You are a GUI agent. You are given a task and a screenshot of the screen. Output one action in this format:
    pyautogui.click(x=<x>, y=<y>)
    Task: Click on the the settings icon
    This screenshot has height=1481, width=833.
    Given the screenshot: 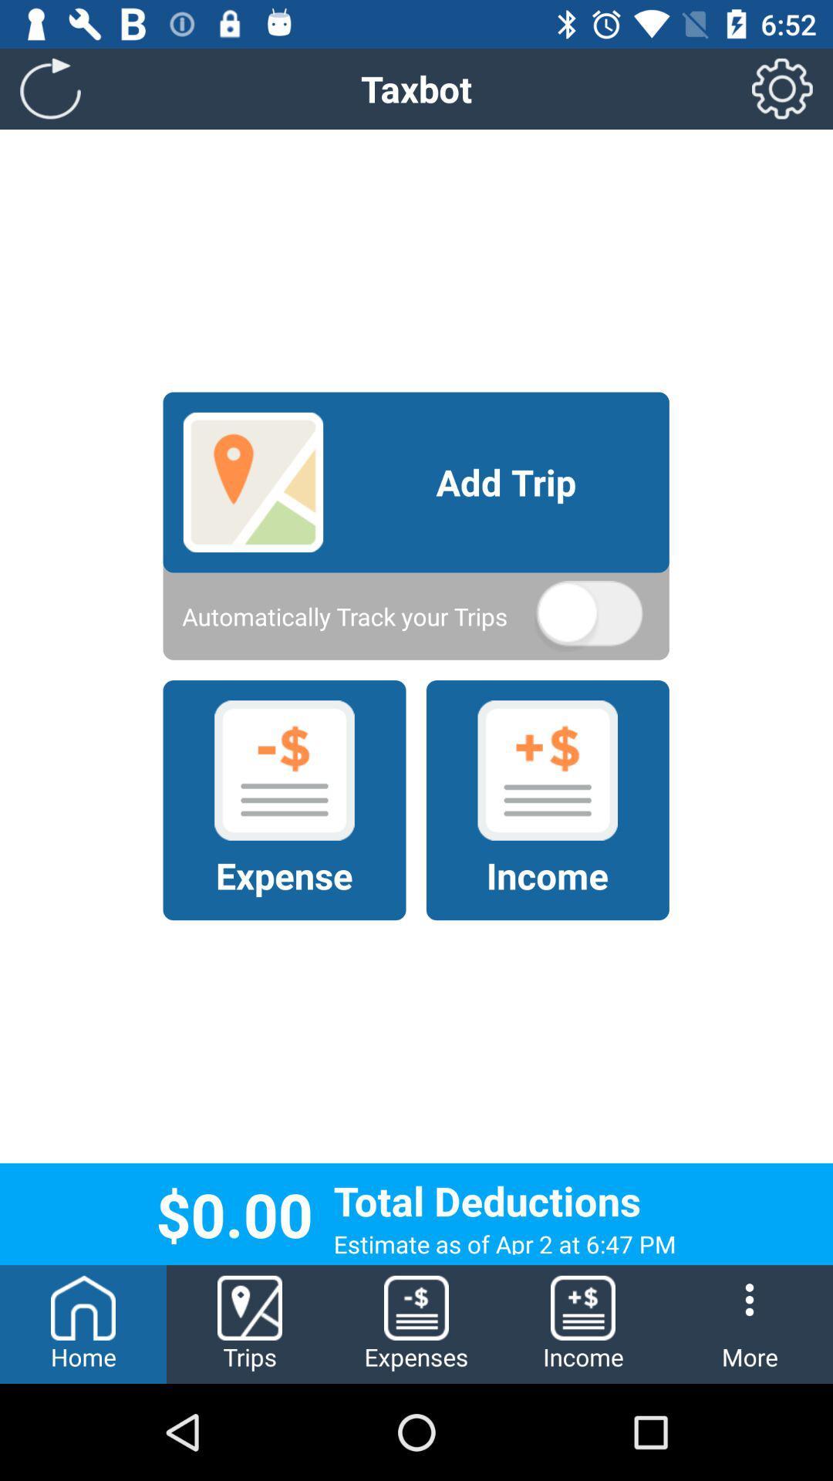 What is the action you would take?
    pyautogui.click(x=782, y=88)
    